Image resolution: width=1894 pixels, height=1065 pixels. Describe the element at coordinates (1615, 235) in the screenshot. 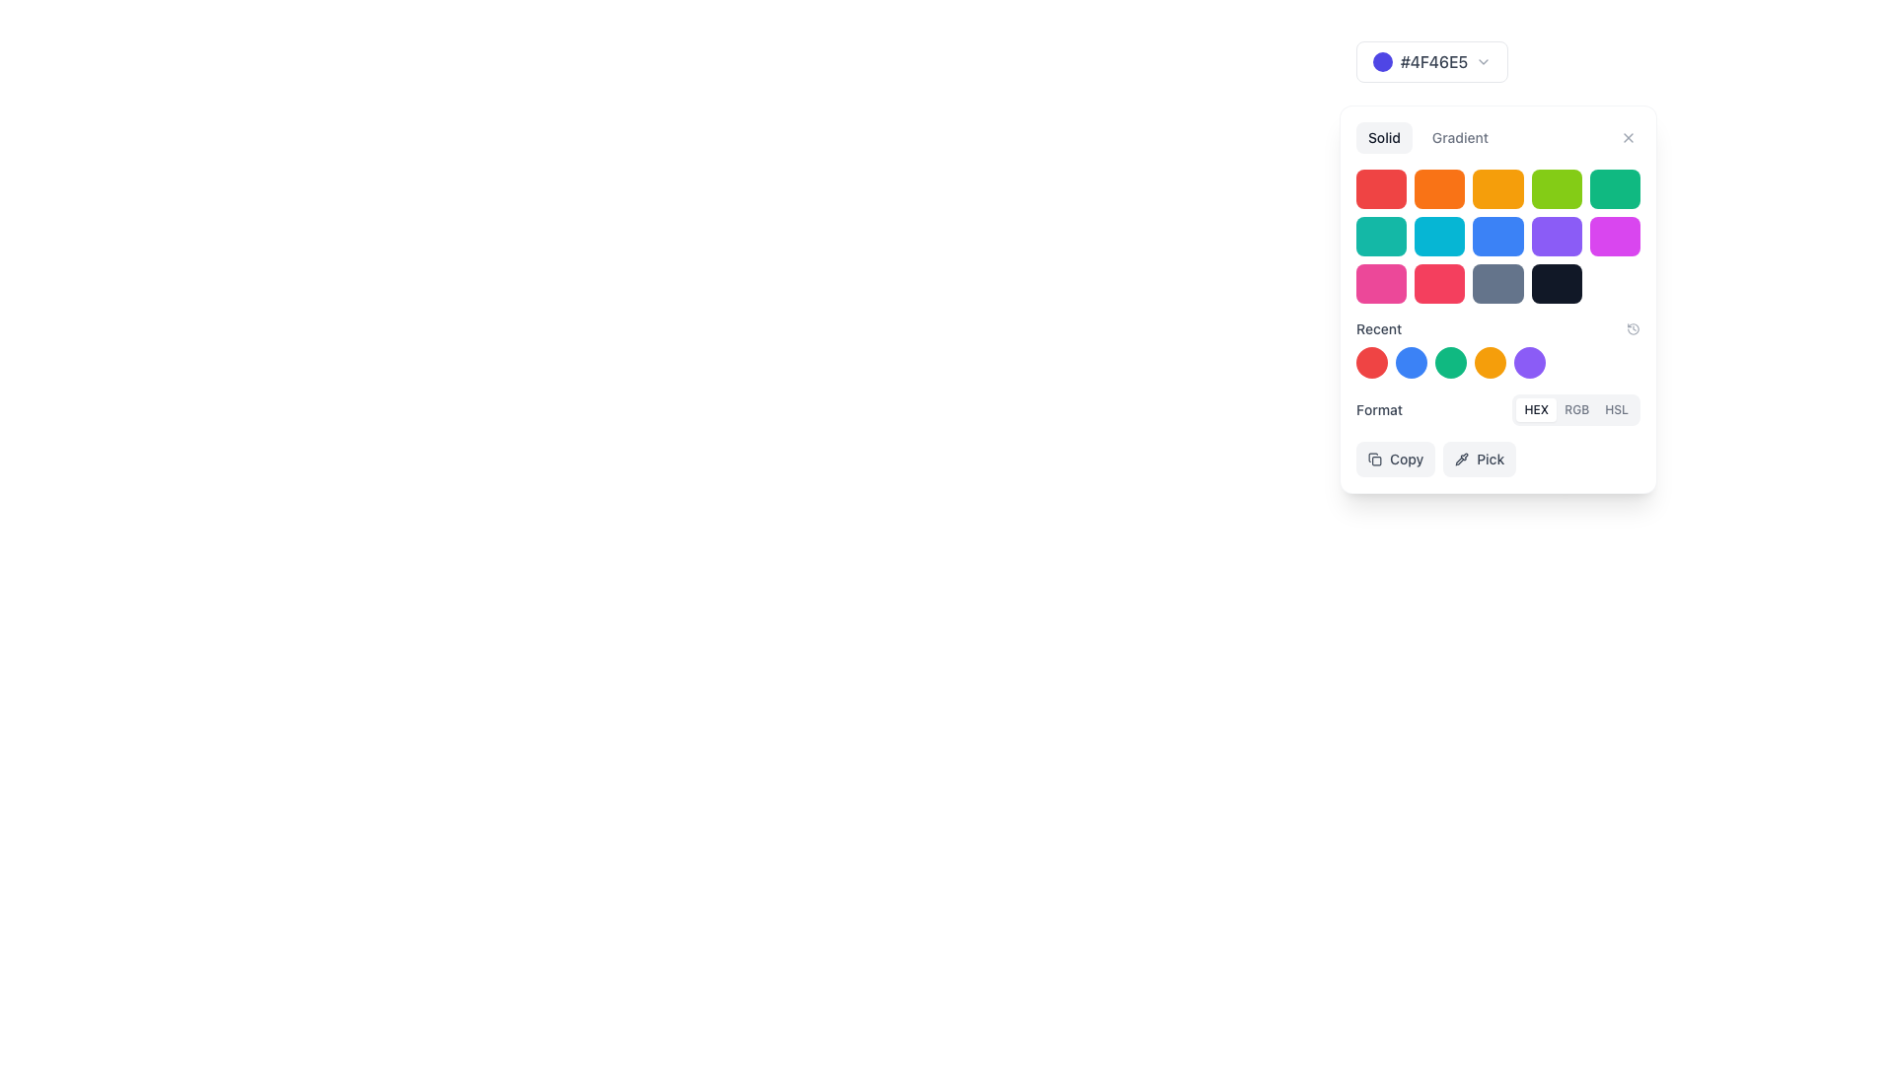

I see `the fifth color swatch in the second row of the color selection grid` at that location.